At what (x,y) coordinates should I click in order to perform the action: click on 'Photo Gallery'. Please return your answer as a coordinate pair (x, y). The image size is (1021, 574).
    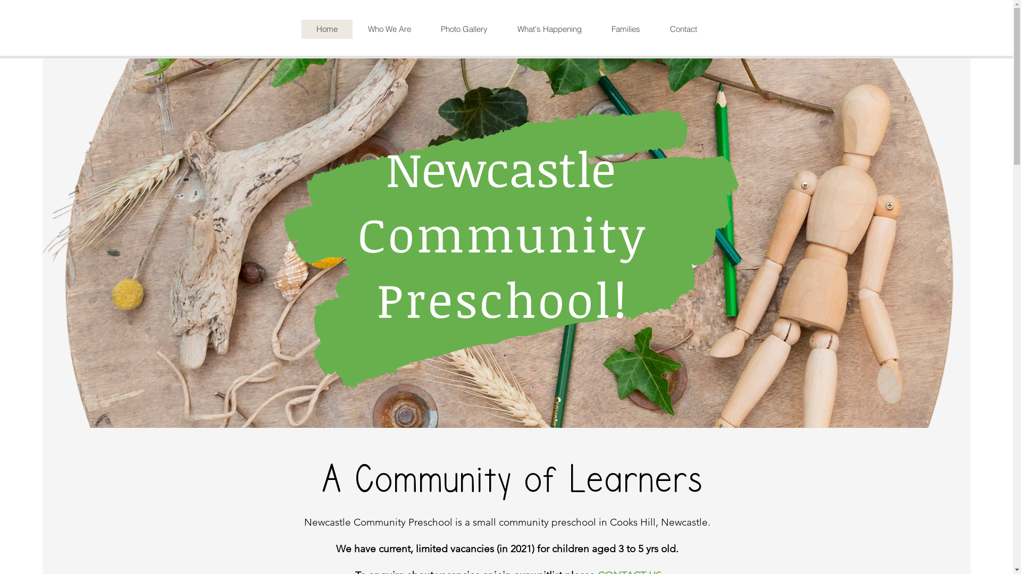
    Looking at the image, I should click on (464, 28).